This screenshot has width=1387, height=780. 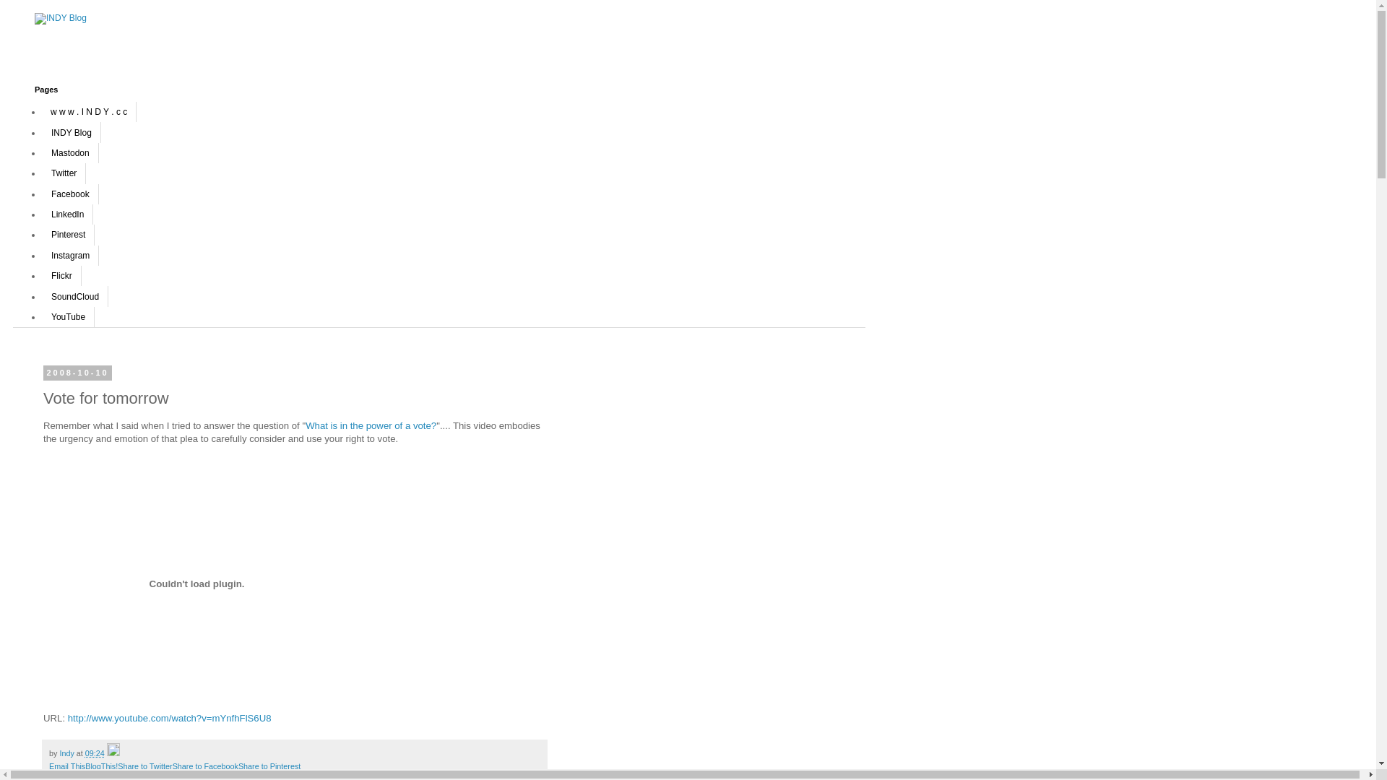 What do you see at coordinates (67, 233) in the screenshot?
I see `'Pinterest'` at bounding box center [67, 233].